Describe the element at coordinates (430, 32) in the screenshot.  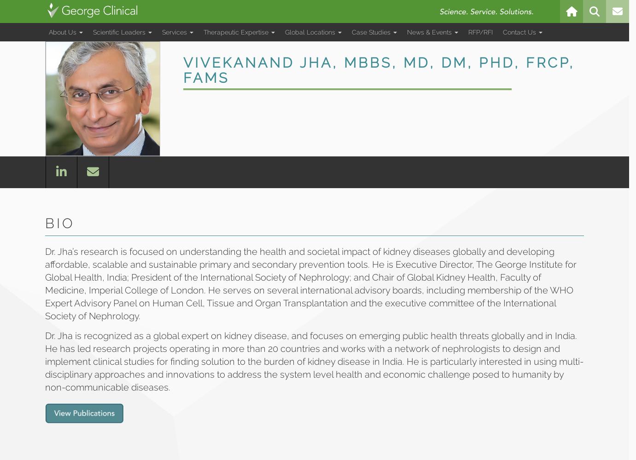
I see `'News & Events'` at that location.